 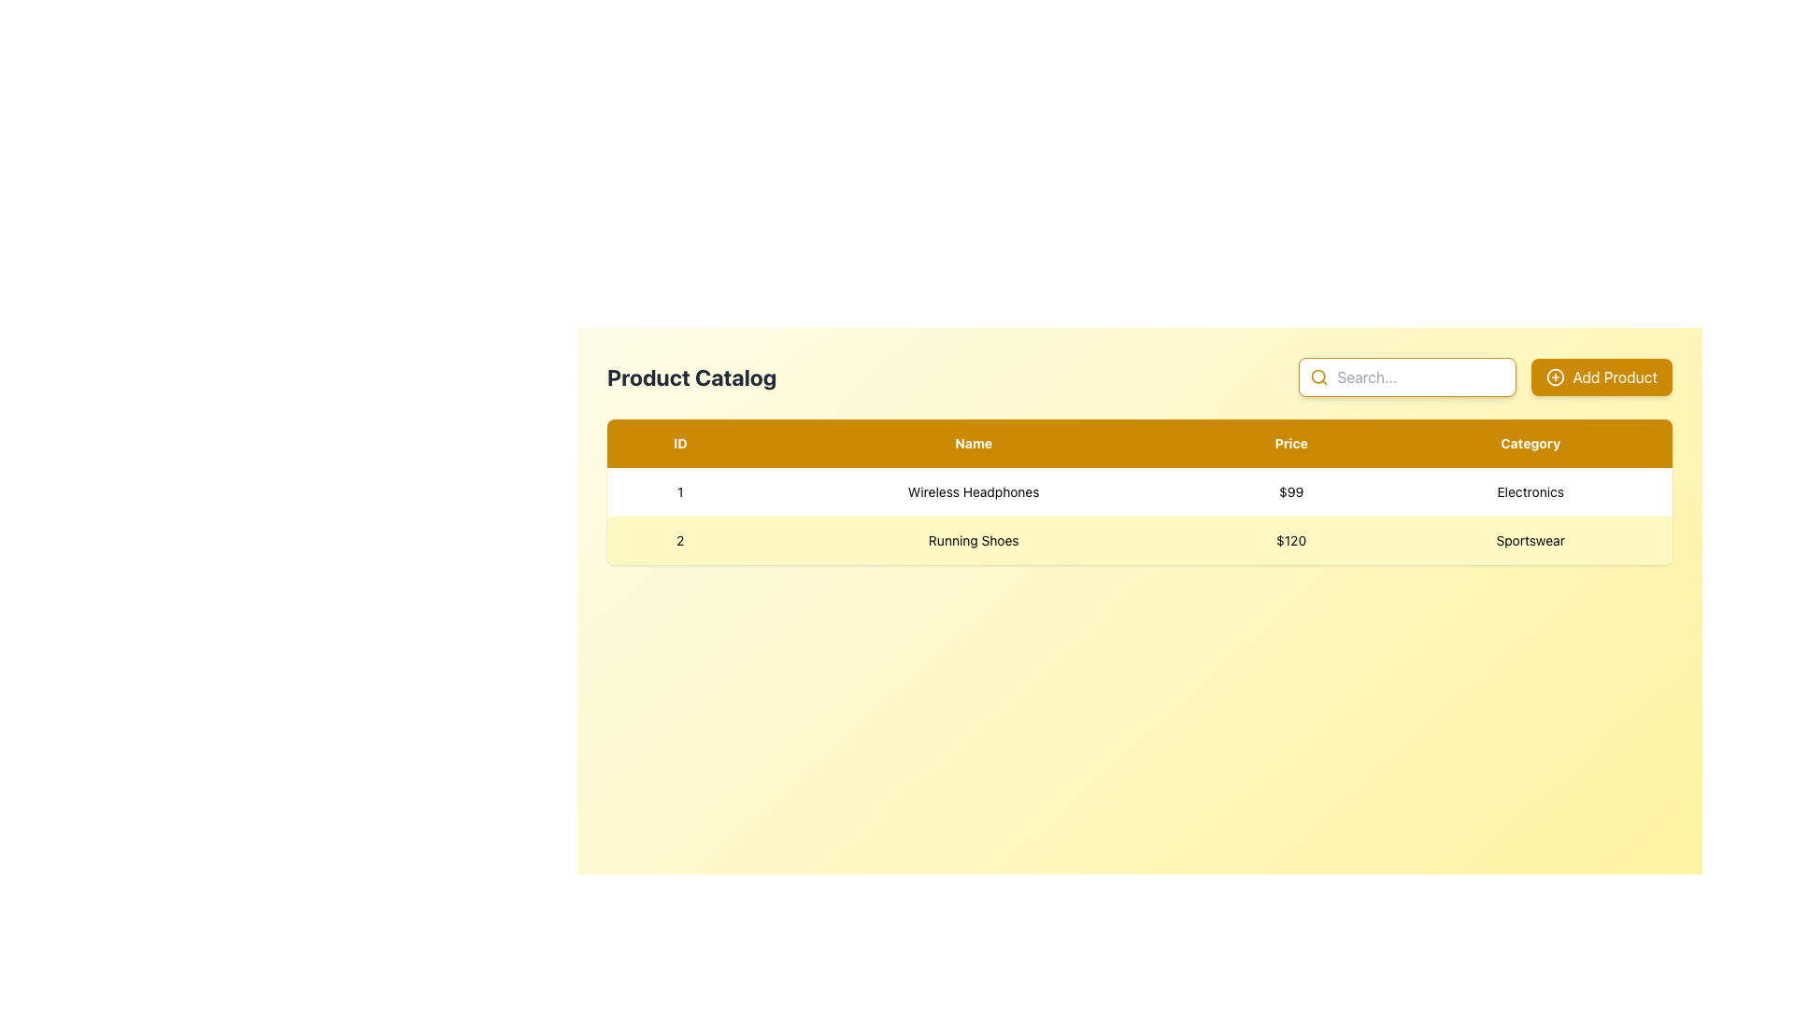 What do you see at coordinates (1290, 491) in the screenshot?
I see `text displaying the price of the product 'Wireless Headphones' located in the third cell of the first row under the 'Price' column` at bounding box center [1290, 491].